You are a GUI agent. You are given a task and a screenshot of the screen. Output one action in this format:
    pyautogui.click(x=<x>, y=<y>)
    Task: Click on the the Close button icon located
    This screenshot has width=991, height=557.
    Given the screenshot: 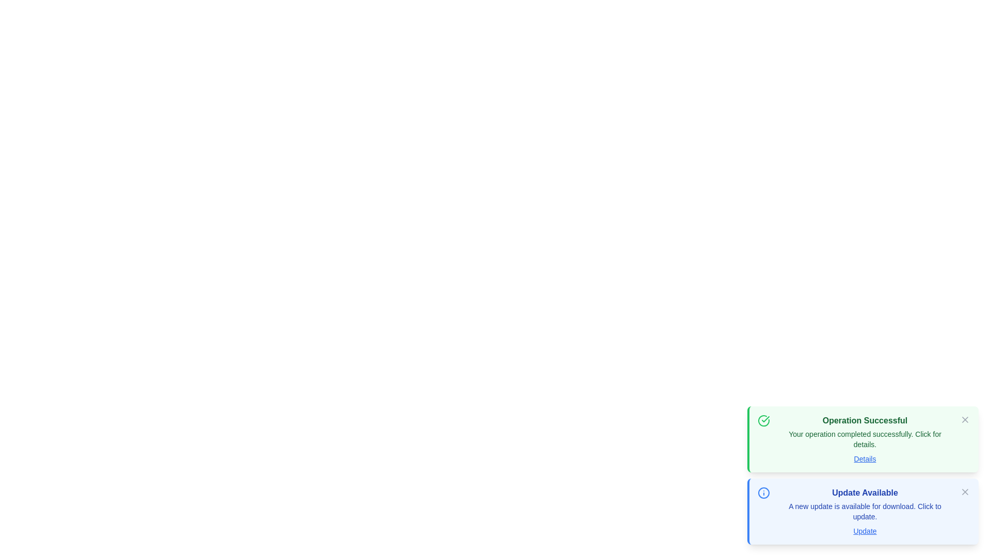 What is the action you would take?
    pyautogui.click(x=965, y=491)
    